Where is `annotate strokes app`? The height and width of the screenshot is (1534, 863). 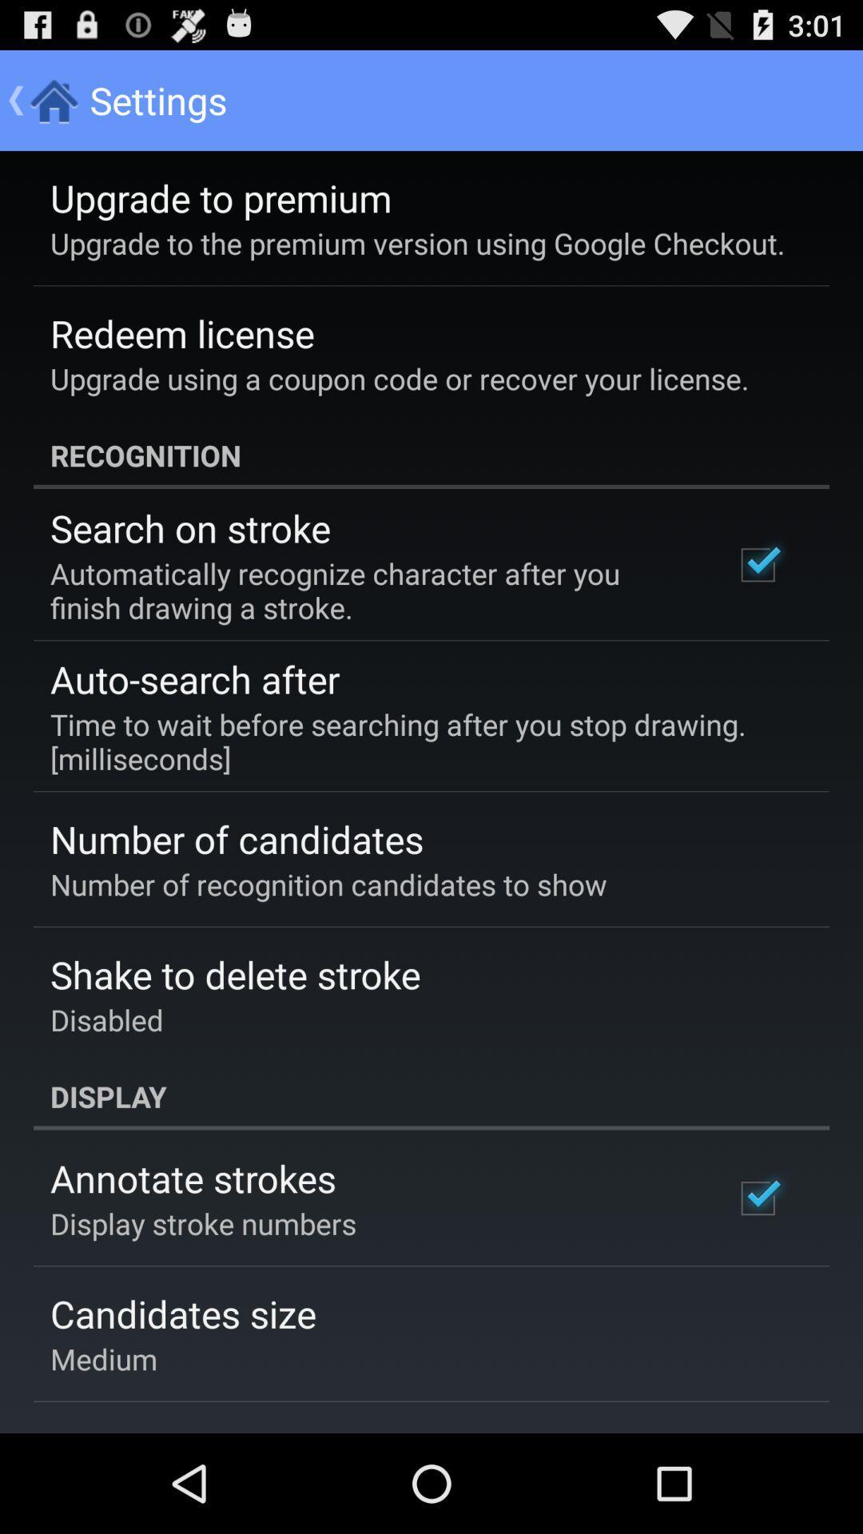 annotate strokes app is located at coordinates (192, 1178).